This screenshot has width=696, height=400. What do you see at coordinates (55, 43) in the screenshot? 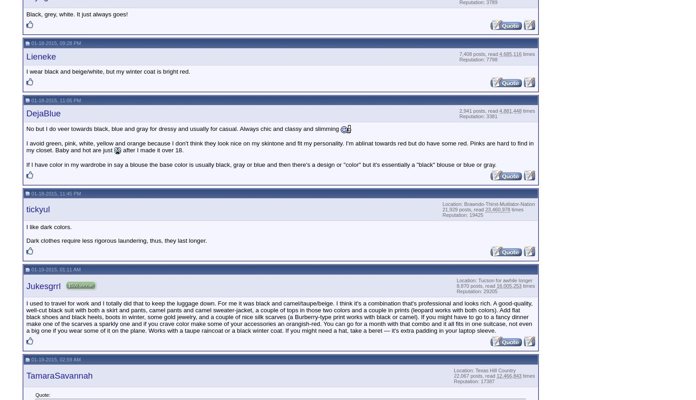
I see `'01-18-2015, 09:28 PM'` at bounding box center [55, 43].